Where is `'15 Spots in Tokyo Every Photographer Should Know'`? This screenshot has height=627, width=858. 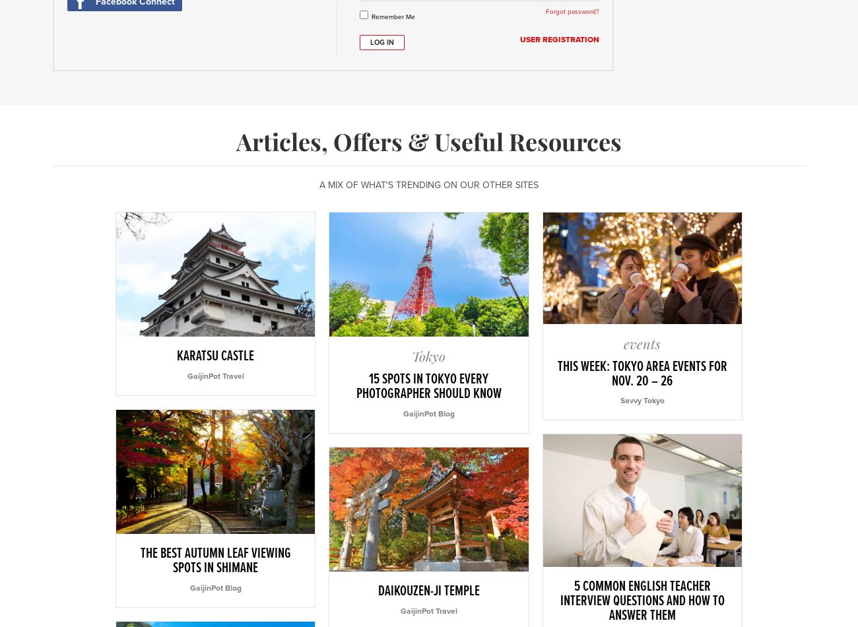
'15 Spots in Tokyo Every Photographer Should Know' is located at coordinates (428, 387).